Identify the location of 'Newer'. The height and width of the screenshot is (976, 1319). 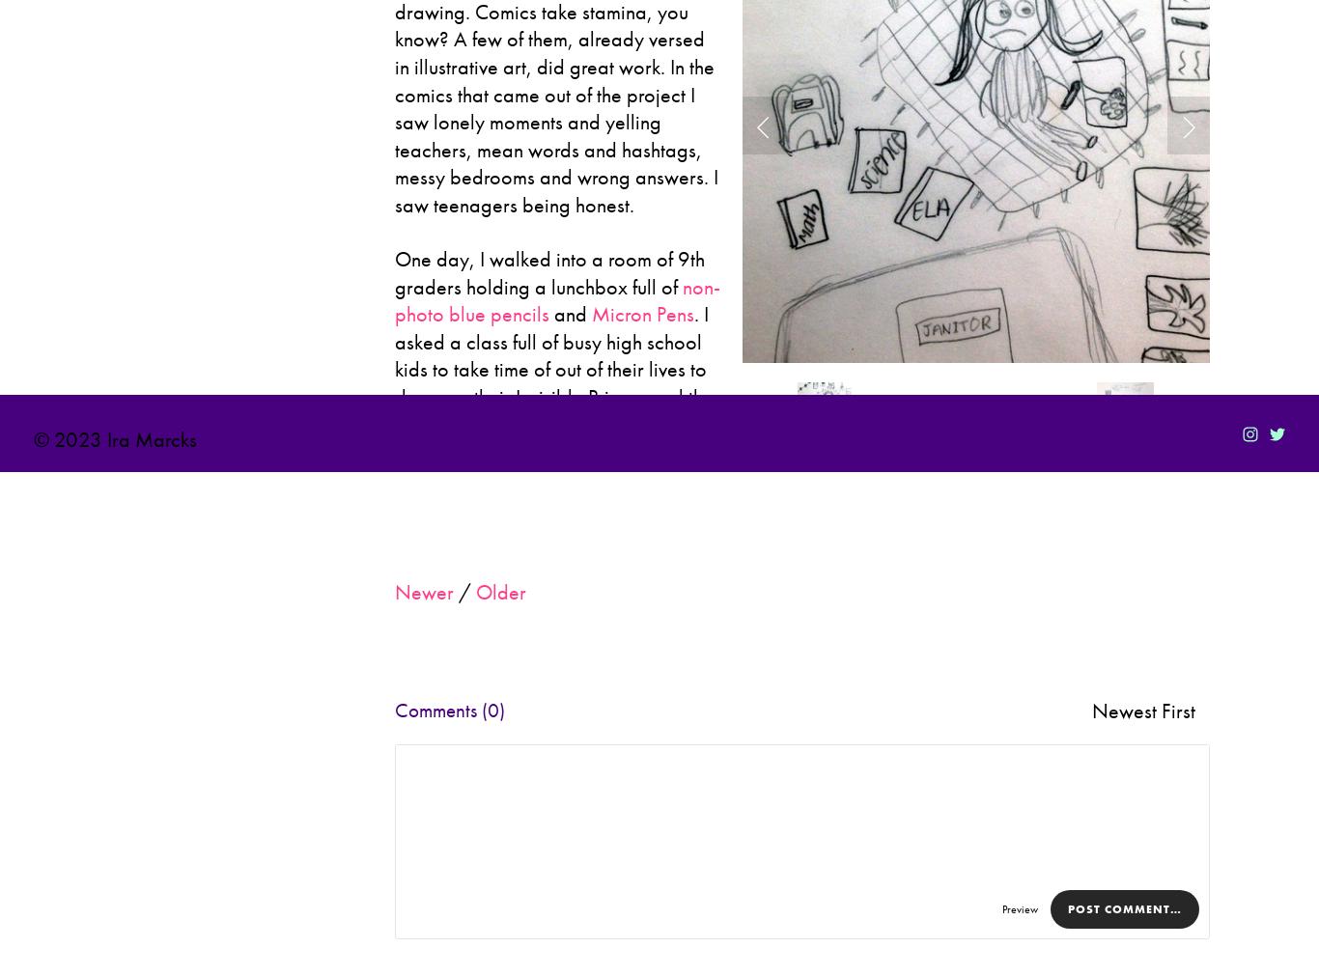
(422, 592).